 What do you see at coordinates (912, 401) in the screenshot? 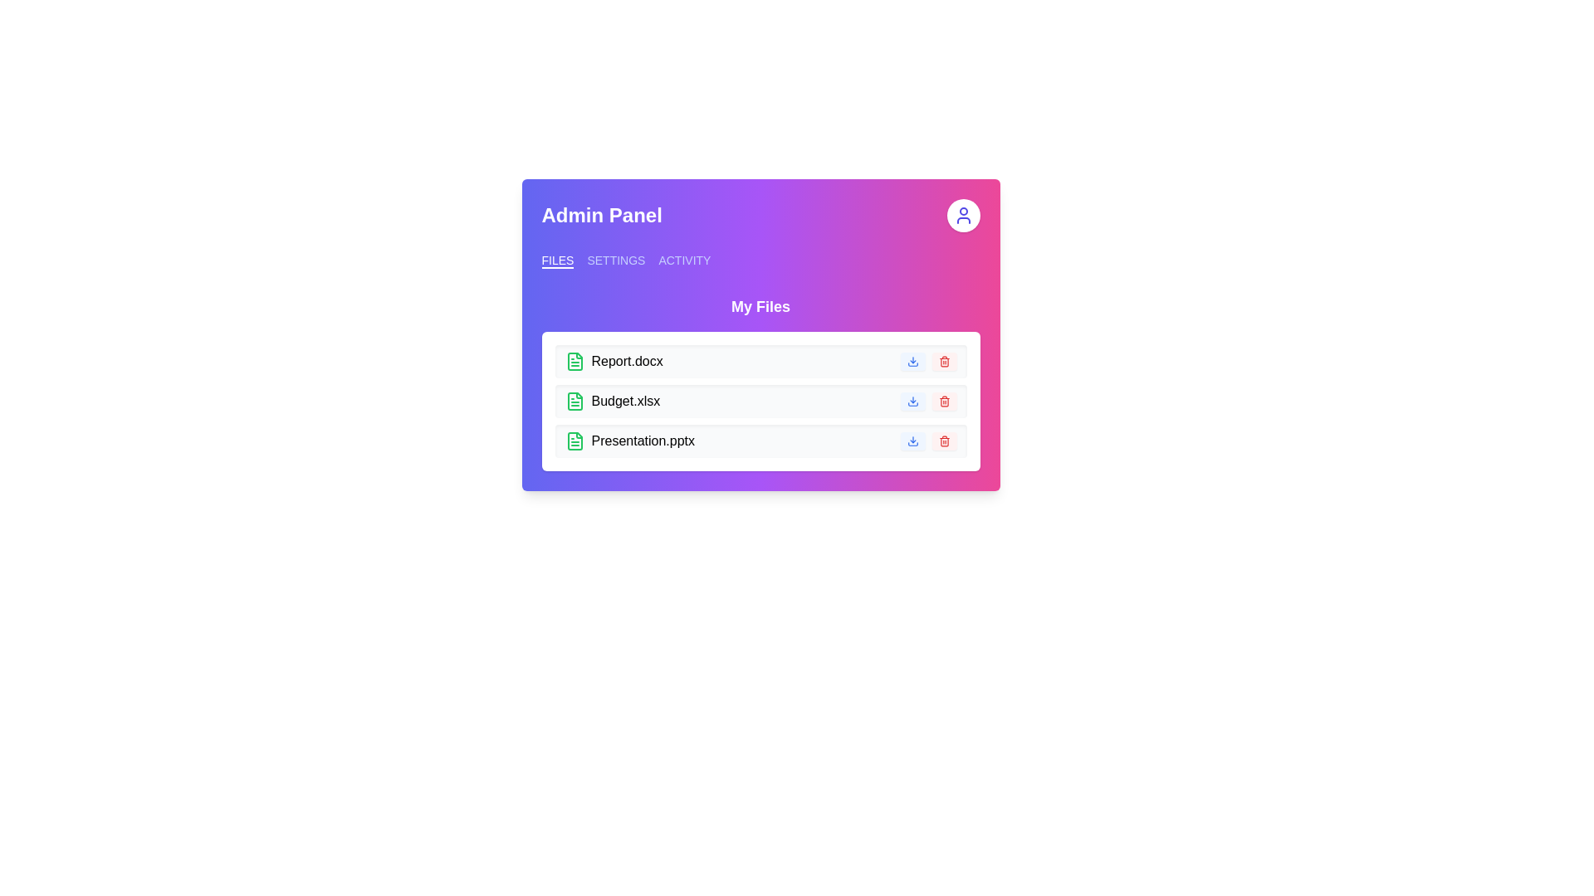
I see `the download button located to the right of the file name 'Budget.xlsx' to trigger visual feedback` at bounding box center [912, 401].